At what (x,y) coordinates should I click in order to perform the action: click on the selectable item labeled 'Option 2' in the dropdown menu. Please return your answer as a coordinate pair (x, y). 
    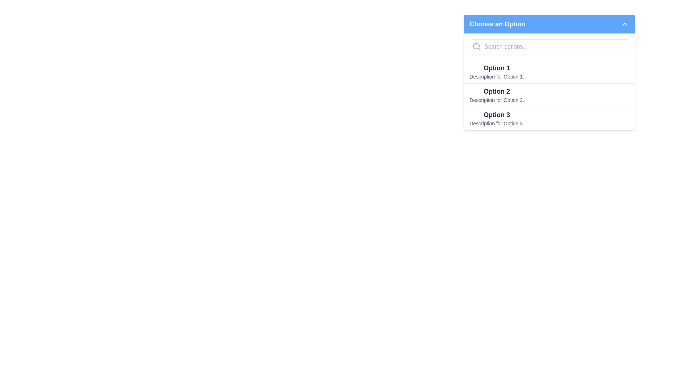
    Looking at the image, I should click on (549, 94).